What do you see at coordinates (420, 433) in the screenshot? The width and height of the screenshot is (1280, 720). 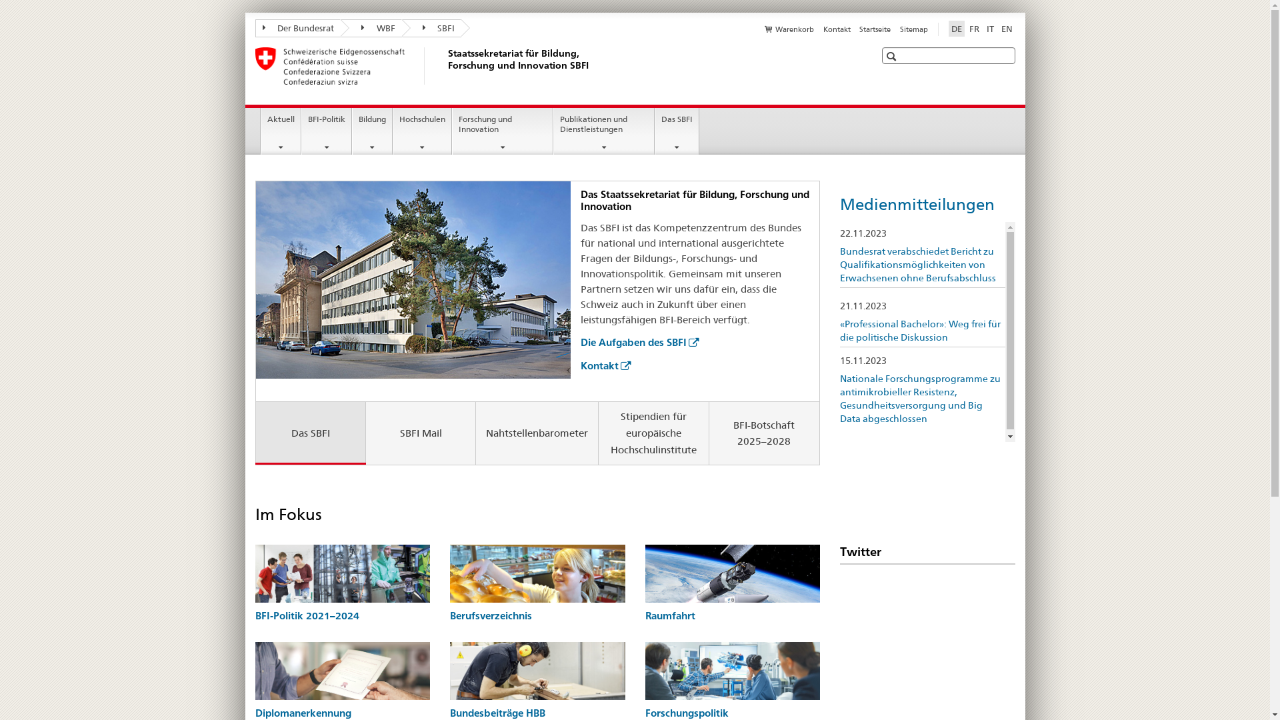 I see `'SBFI Mail'` at bounding box center [420, 433].